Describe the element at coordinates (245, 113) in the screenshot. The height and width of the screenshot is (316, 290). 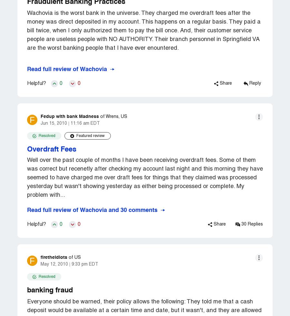
I see `'Red Mountain Weight Loss'` at that location.